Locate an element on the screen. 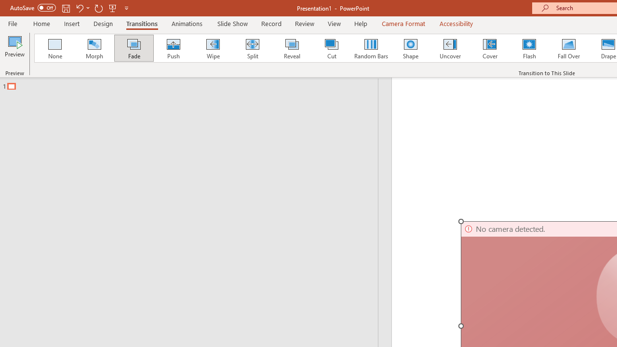 The width and height of the screenshot is (617, 347). 'Push' is located at coordinates (173, 48).